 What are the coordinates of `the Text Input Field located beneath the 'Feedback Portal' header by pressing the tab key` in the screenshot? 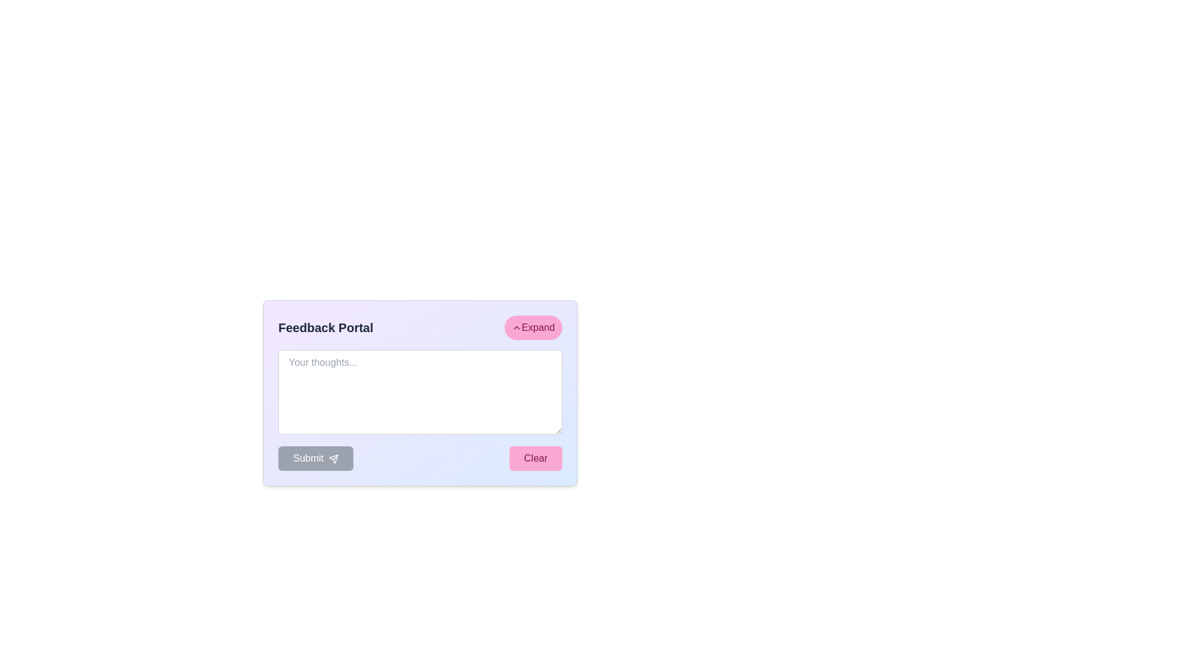 It's located at (420, 381).